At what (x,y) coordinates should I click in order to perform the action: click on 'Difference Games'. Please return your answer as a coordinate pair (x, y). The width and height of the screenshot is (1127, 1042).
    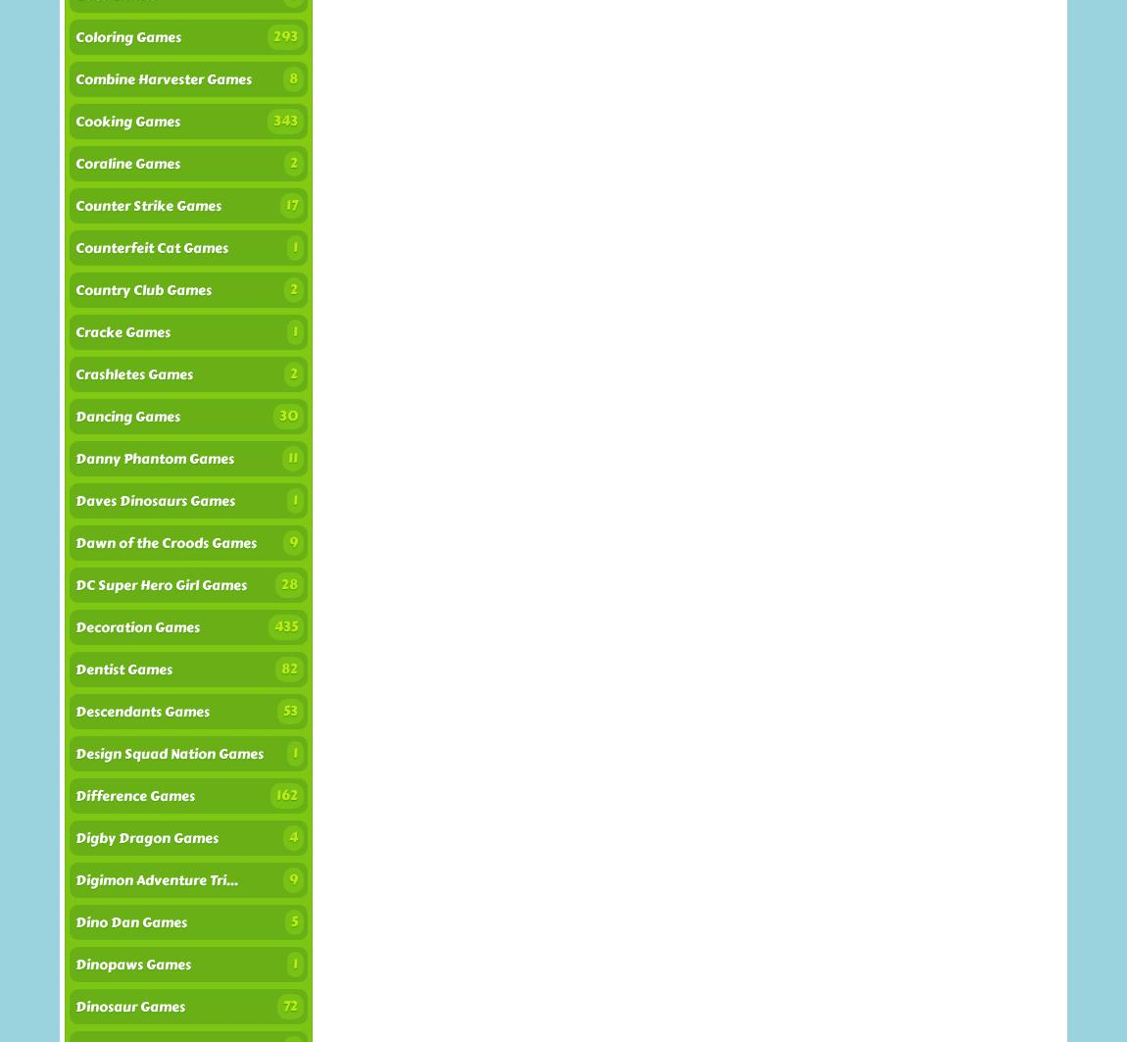
    Looking at the image, I should click on (74, 795).